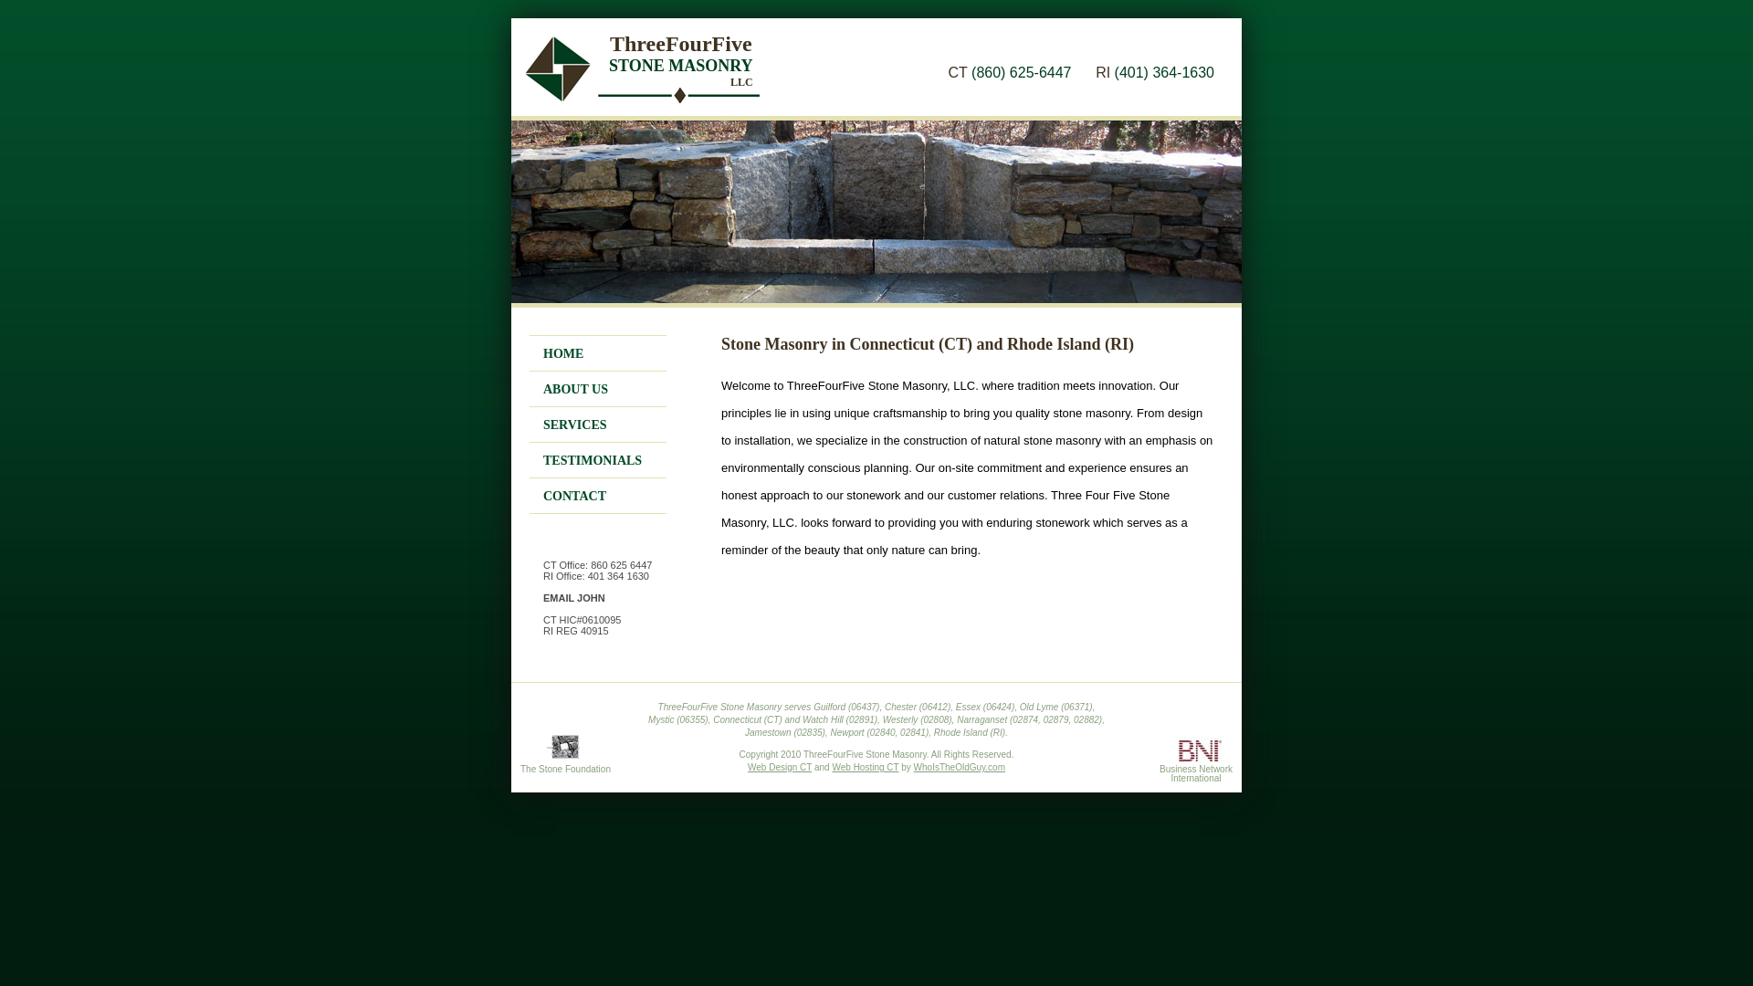 This screenshot has height=986, width=1753. Describe the element at coordinates (576, 425) in the screenshot. I see `'SERVICES'` at that location.